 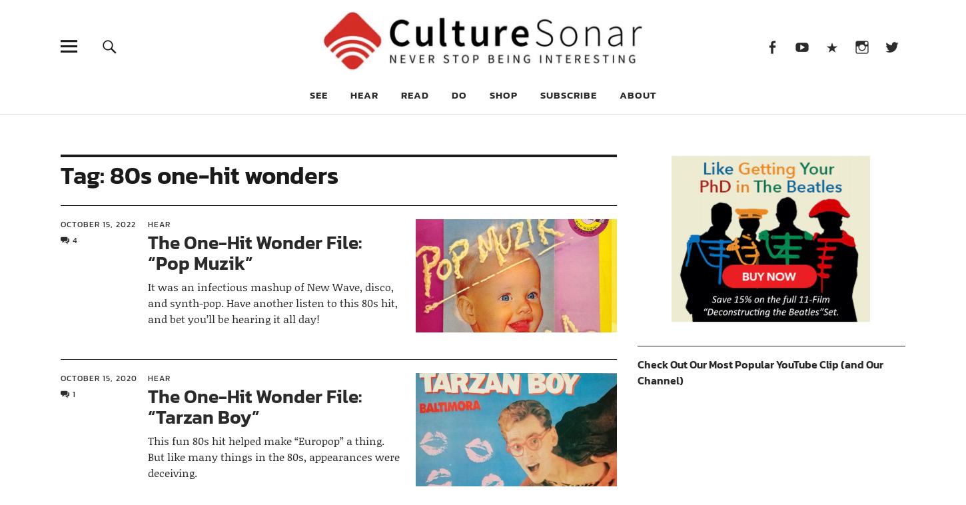 What do you see at coordinates (458, 93) in the screenshot?
I see `'Do'` at bounding box center [458, 93].